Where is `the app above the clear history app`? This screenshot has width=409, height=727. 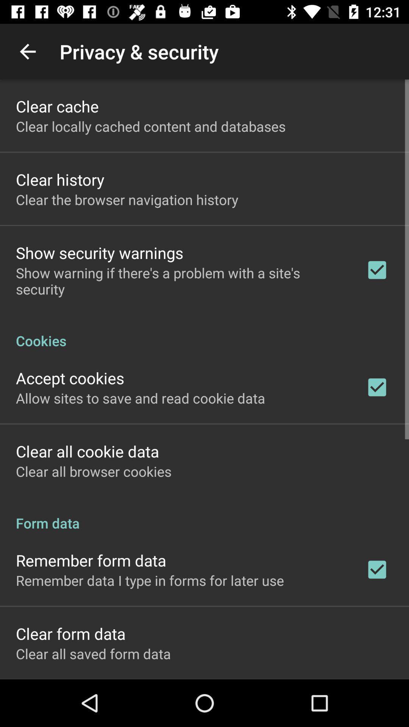
the app above the clear history app is located at coordinates (151, 126).